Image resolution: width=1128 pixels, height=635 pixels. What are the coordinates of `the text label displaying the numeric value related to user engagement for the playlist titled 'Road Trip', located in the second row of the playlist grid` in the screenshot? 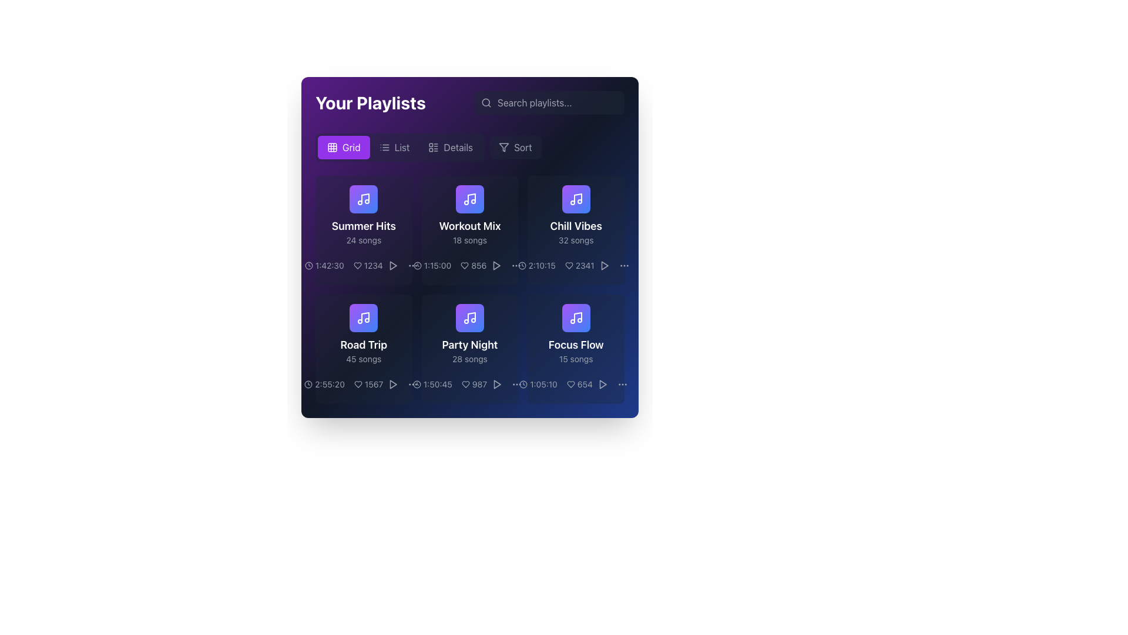 It's located at (368, 385).